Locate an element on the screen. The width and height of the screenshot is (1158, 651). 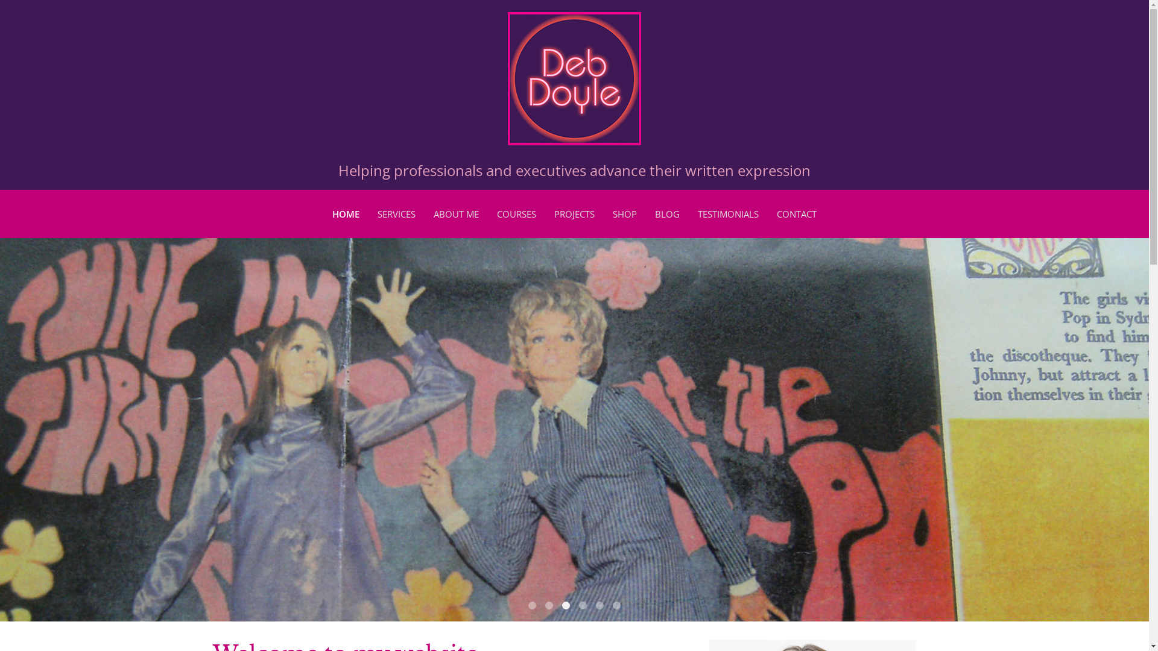
'2a' is located at coordinates (548, 605).